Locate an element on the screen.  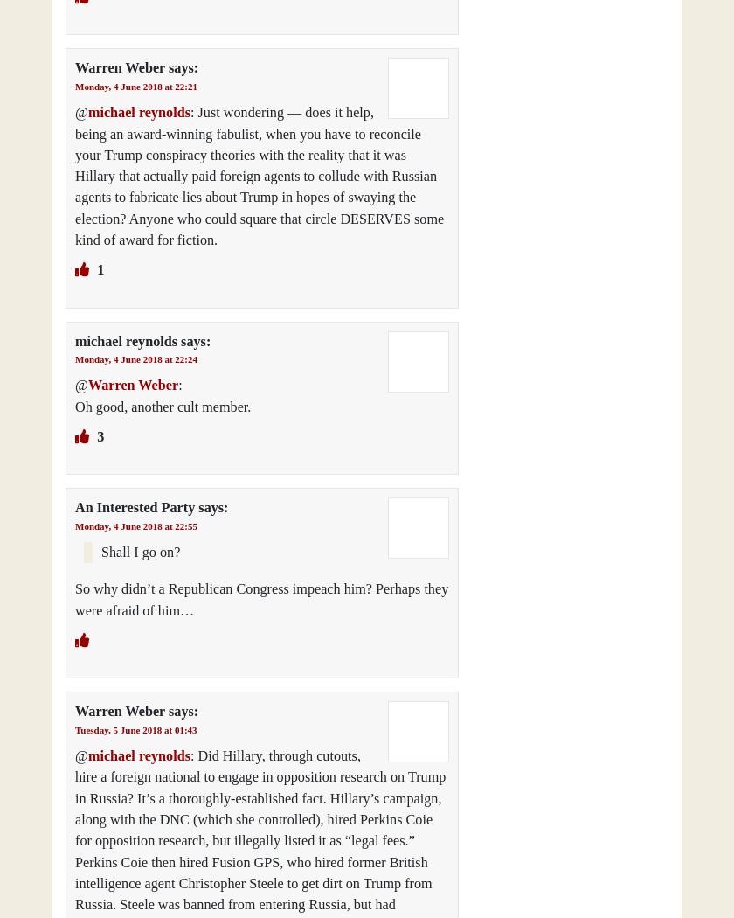
'1' is located at coordinates (99, 270).